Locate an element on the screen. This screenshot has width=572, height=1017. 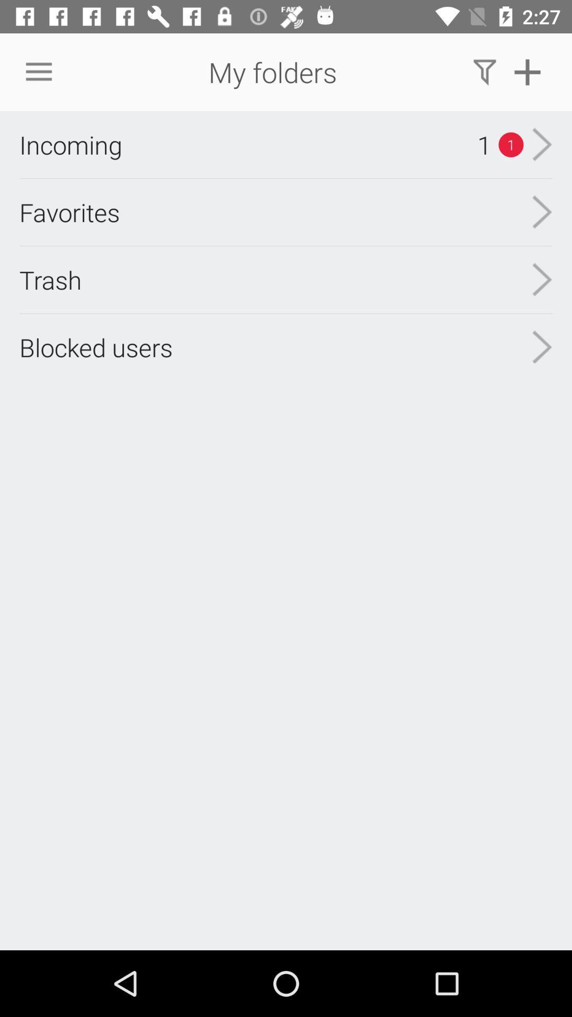
icon below the favorites is located at coordinates (50, 280).